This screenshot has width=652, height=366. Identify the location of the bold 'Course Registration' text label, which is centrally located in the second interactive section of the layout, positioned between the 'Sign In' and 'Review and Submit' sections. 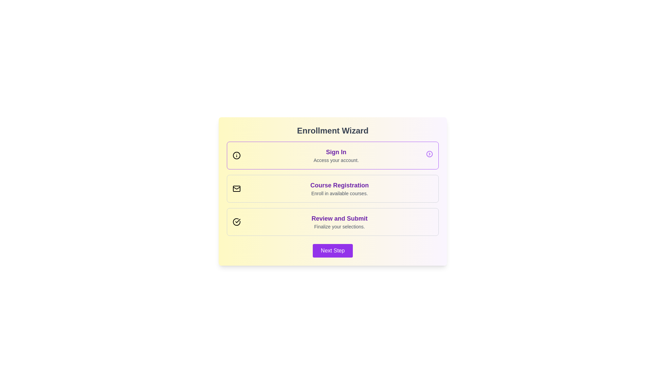
(339, 185).